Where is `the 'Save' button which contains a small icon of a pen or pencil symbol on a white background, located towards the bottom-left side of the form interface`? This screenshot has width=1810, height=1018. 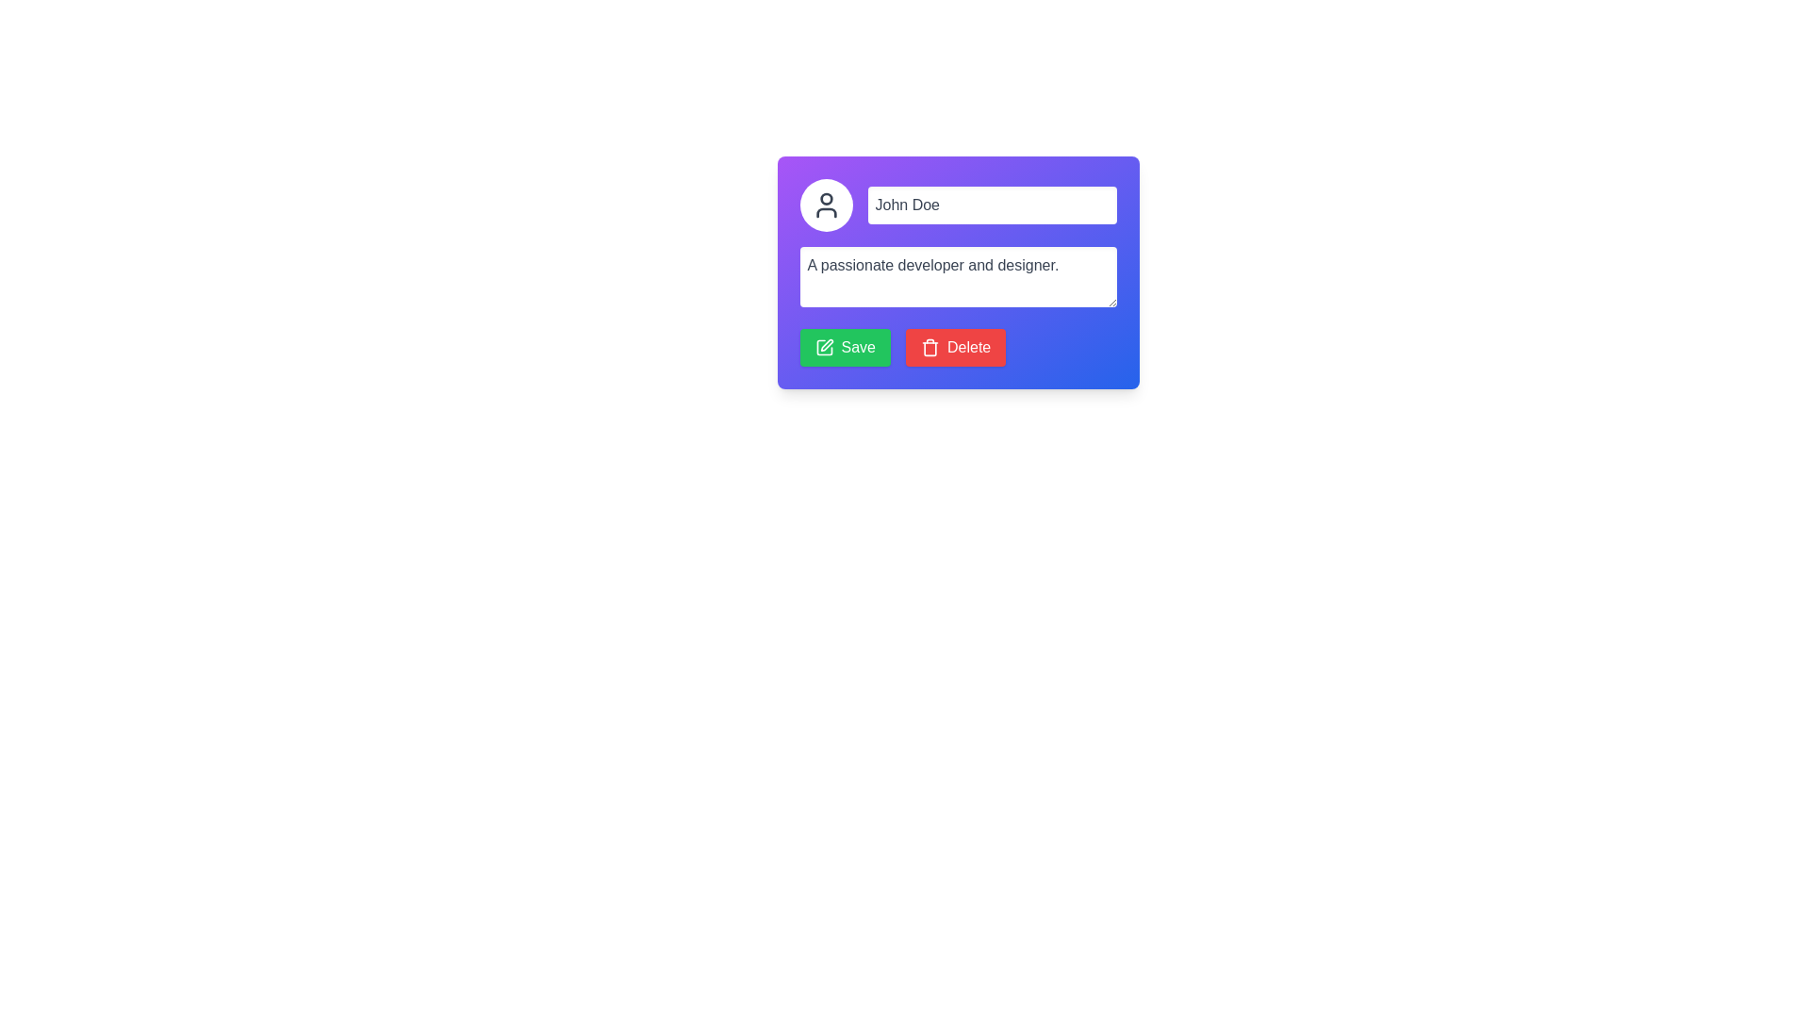 the 'Save' button which contains a small icon of a pen or pencil symbol on a white background, located towards the bottom-left side of the form interface is located at coordinates (824, 348).